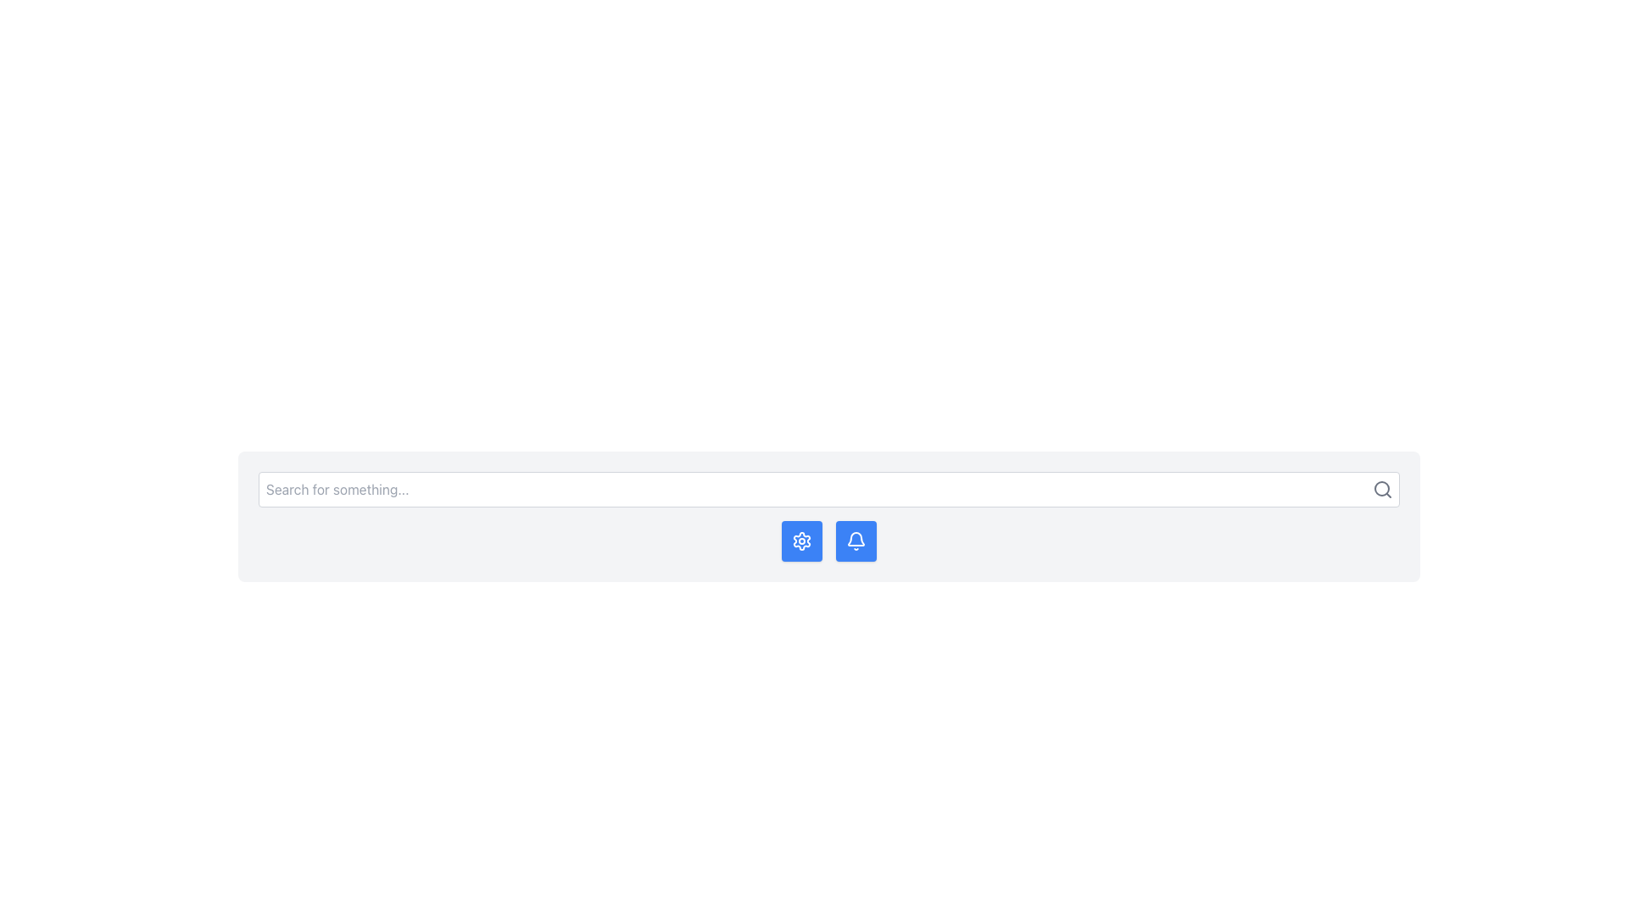 This screenshot has height=915, width=1628. Describe the element at coordinates (1382, 489) in the screenshot. I see `the circular lens of the magnifying glass icon, which is part of the search functionality represented in the SVG graphical element` at that location.